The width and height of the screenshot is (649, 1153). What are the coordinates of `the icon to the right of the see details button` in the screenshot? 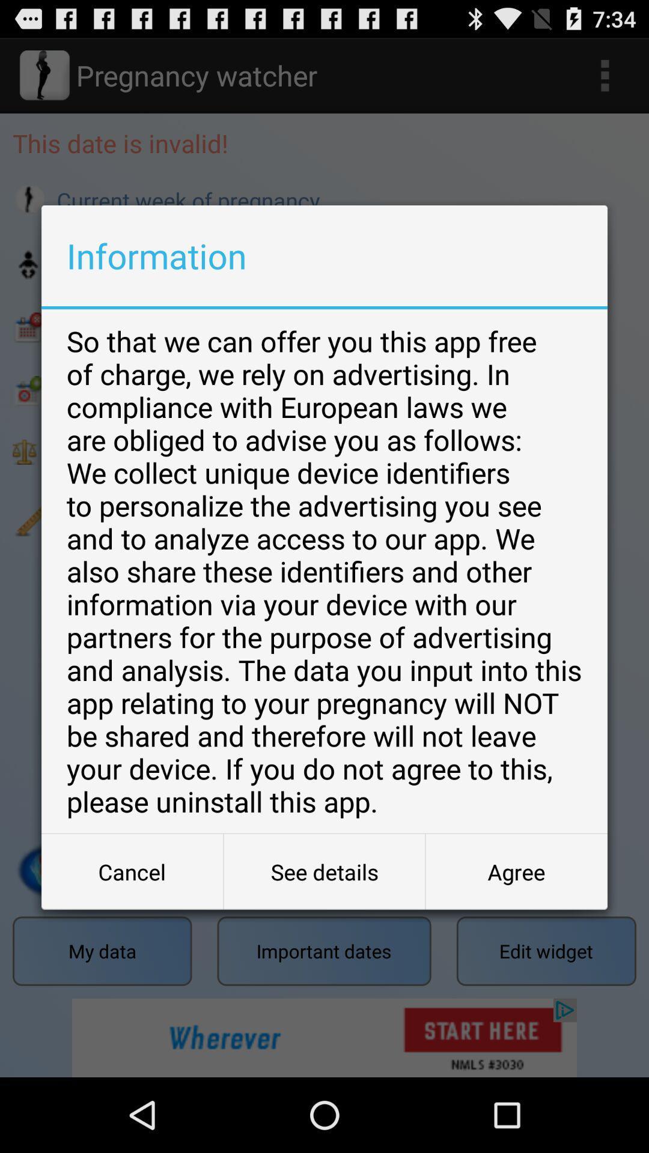 It's located at (516, 871).